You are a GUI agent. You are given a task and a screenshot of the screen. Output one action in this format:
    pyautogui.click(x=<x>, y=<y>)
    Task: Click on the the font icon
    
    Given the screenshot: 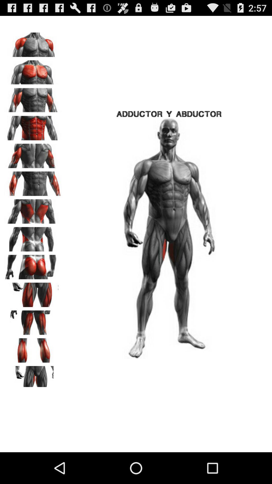 What is the action you would take?
    pyautogui.click(x=33, y=165)
    